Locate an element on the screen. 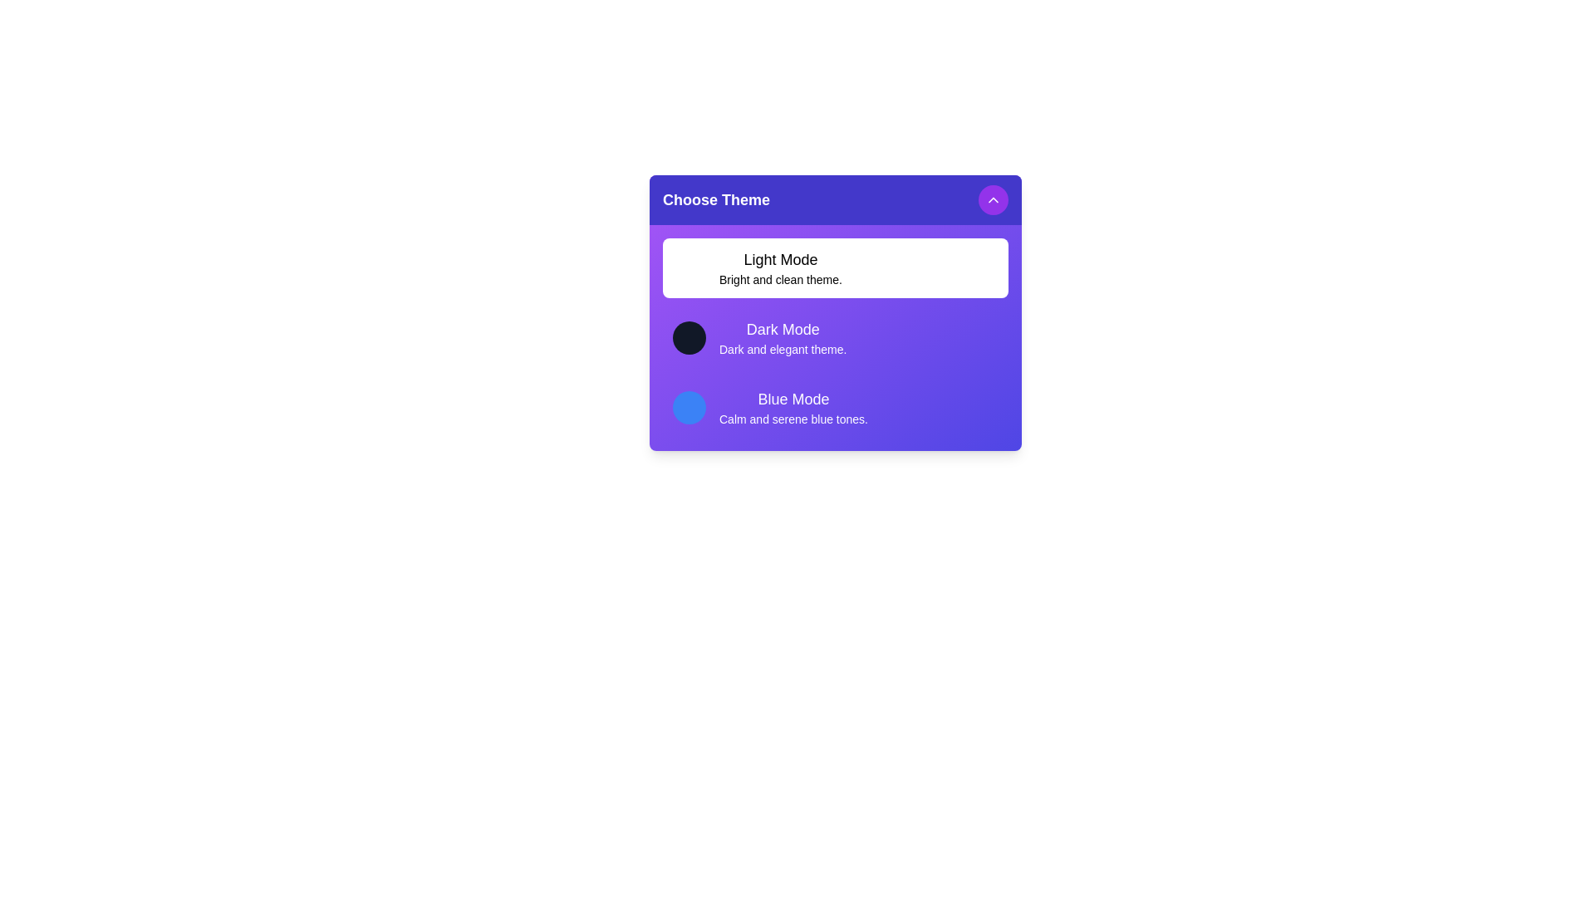 This screenshot has height=897, width=1595. toggle button to toggle the menu visibility is located at coordinates (993, 199).